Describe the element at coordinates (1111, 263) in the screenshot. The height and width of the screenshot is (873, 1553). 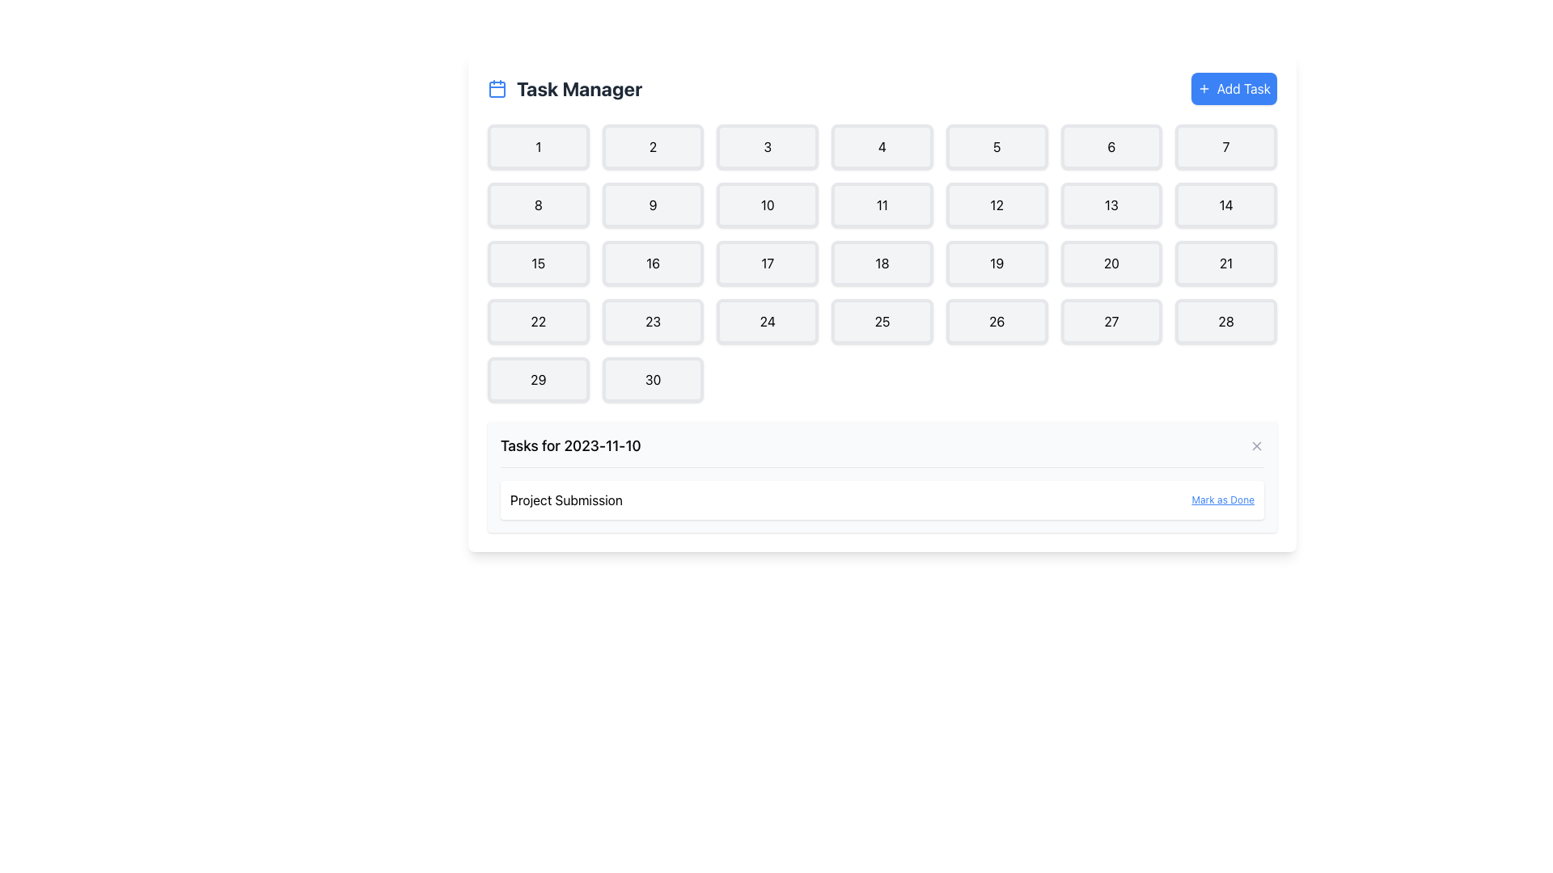
I see `the interactive button labeled '20' in the third row and sixth column of the calendar grid` at that location.